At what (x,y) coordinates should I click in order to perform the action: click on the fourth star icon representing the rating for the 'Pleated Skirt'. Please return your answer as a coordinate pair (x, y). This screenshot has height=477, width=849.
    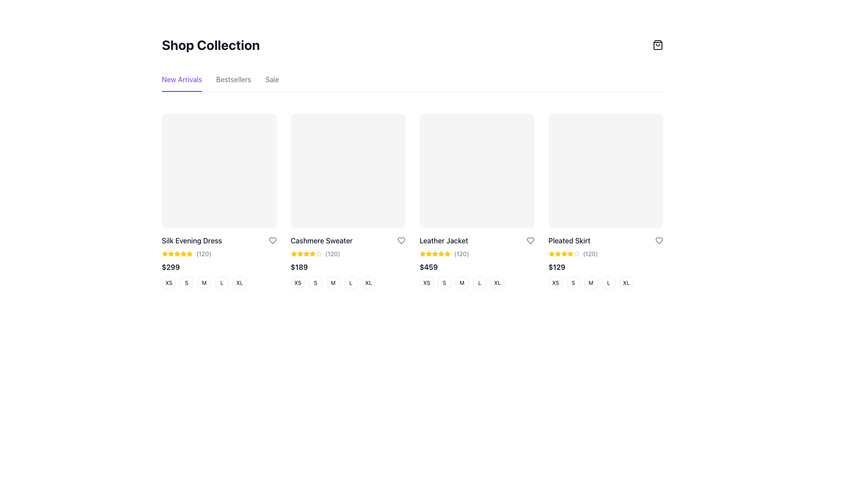
    Looking at the image, I should click on (563, 254).